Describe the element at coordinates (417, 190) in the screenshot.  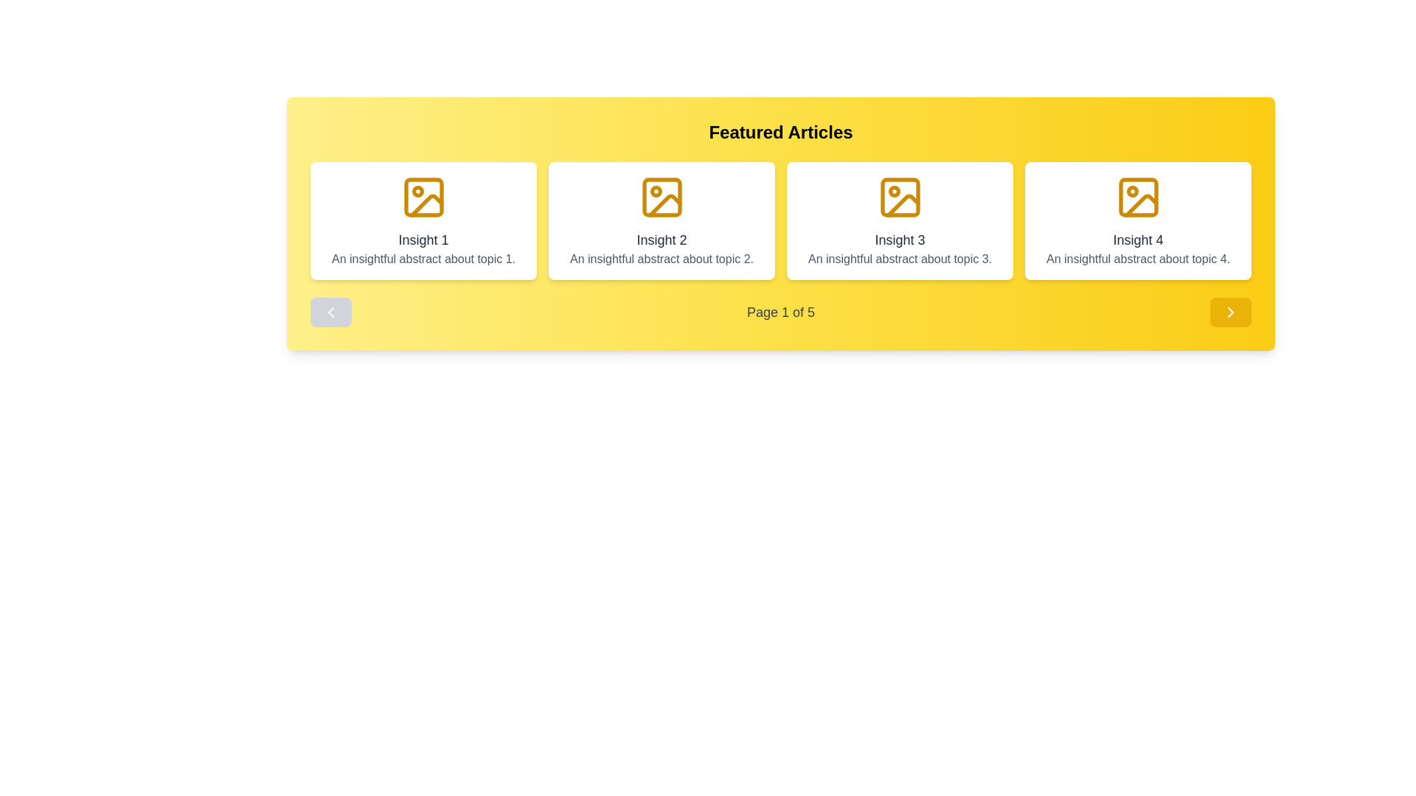
I see `the small circular shape inside the first framed image icon of the carousel titled 'Insight 1', which resembles the sun over a mountain` at that location.